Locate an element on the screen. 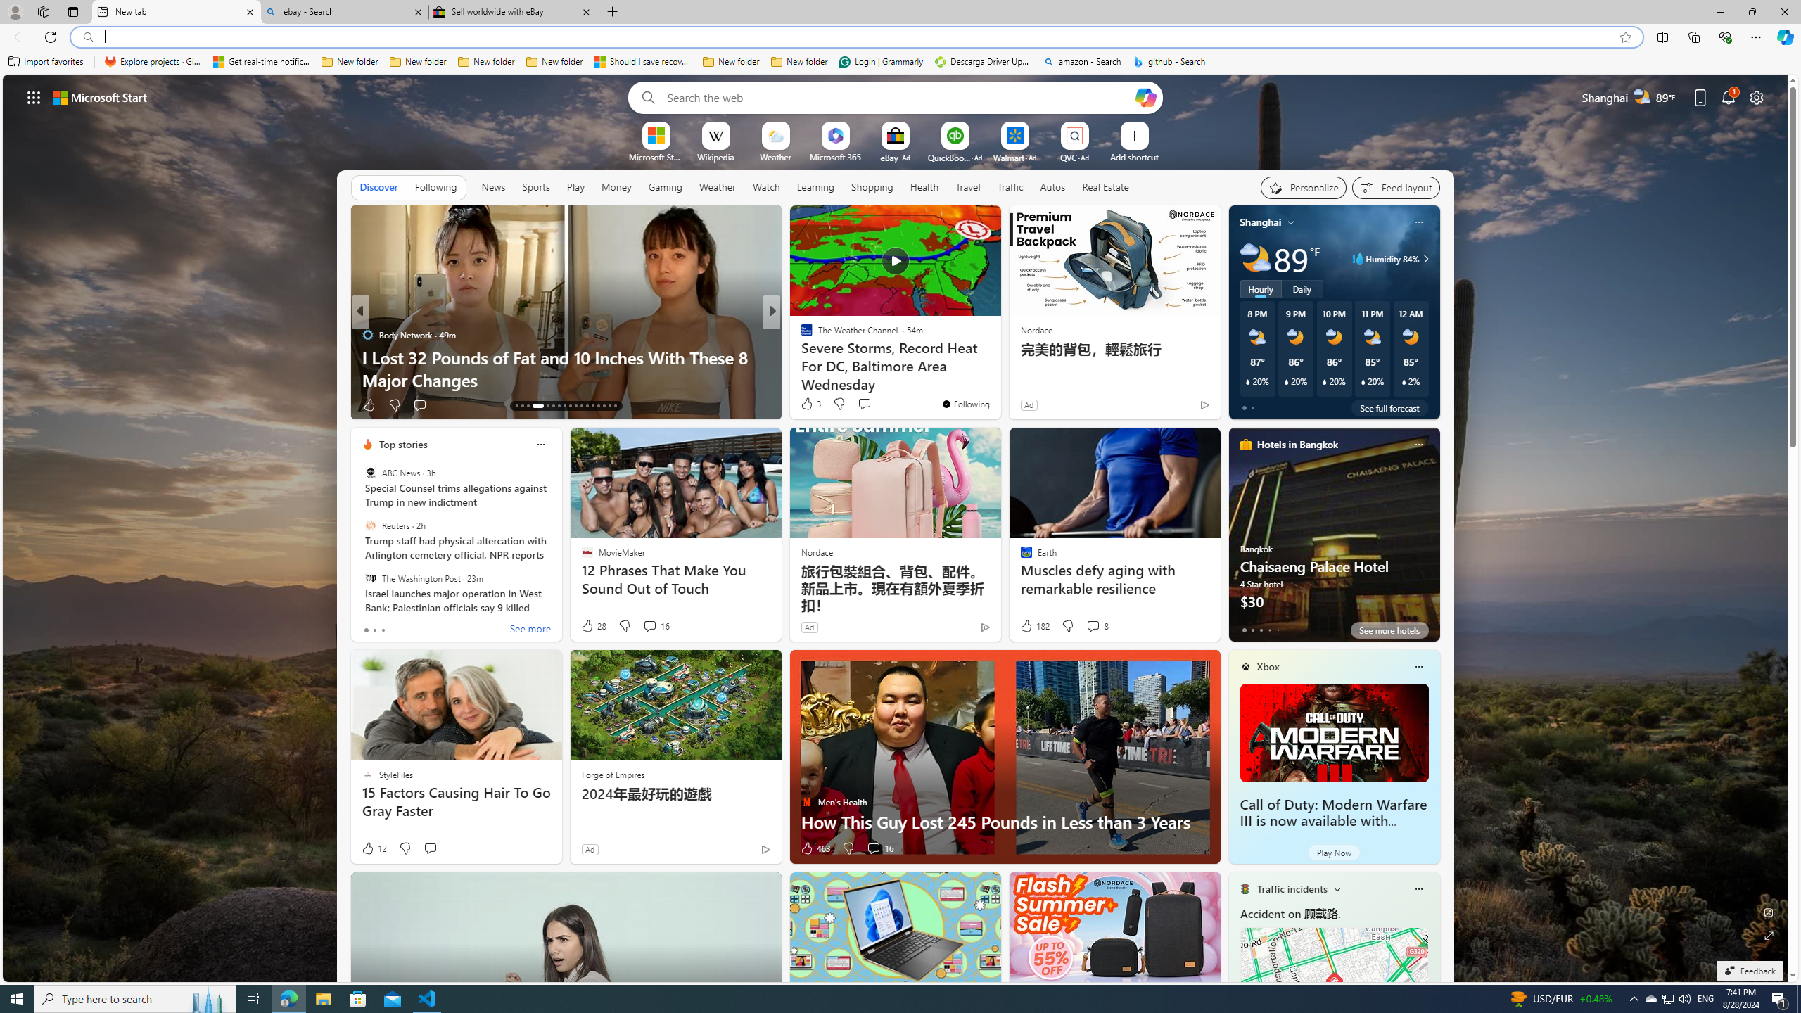 The width and height of the screenshot is (1801, 1013). 'Health' is located at coordinates (923, 186).